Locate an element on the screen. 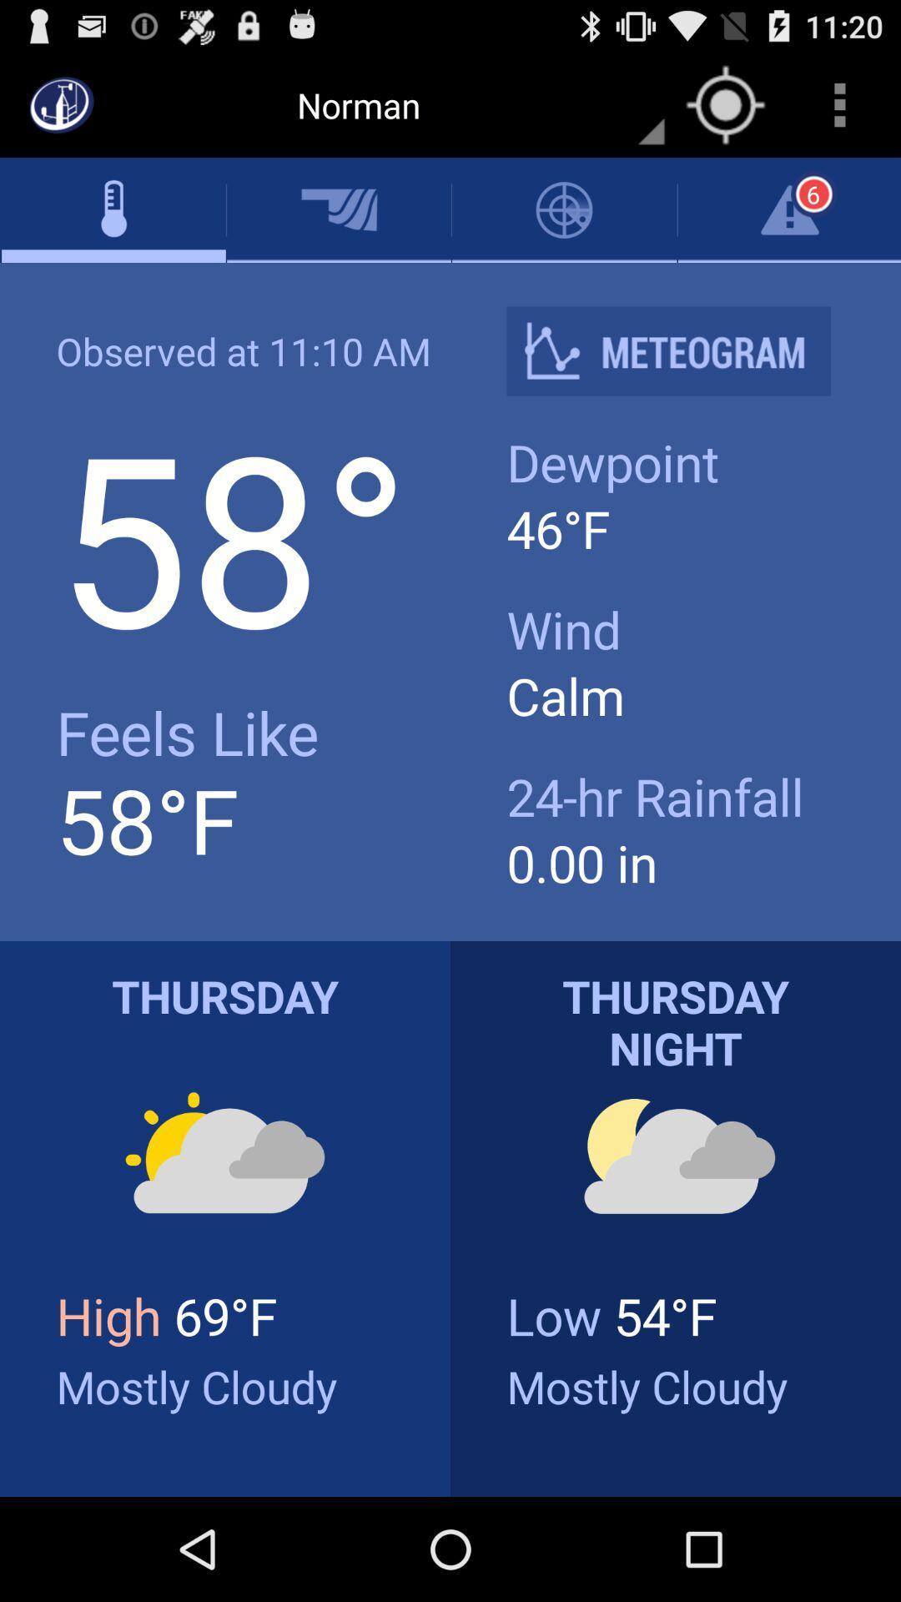  switch location option is located at coordinates (725, 103).